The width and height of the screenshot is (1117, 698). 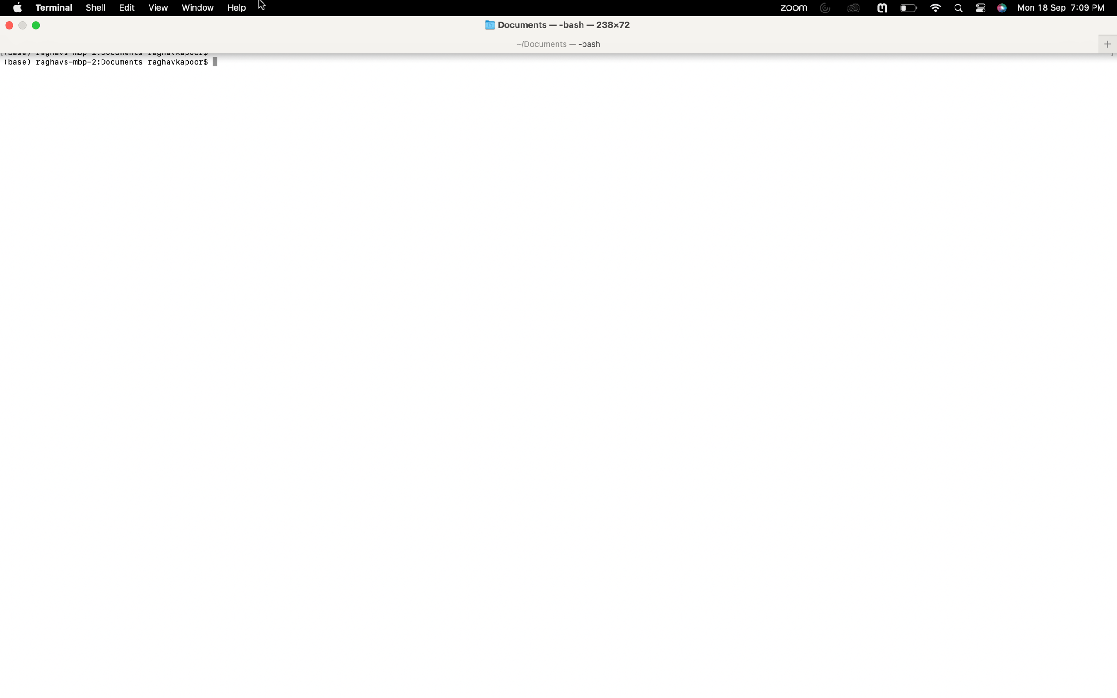 What do you see at coordinates (197, 8) in the screenshot?
I see `Extend current working window to full screen using the window options` at bounding box center [197, 8].